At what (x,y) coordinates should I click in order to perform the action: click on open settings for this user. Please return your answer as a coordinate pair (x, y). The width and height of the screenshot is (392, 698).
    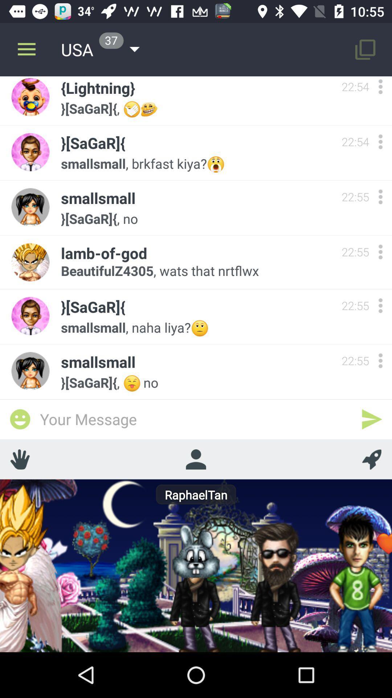
    Looking at the image, I should click on (380, 141).